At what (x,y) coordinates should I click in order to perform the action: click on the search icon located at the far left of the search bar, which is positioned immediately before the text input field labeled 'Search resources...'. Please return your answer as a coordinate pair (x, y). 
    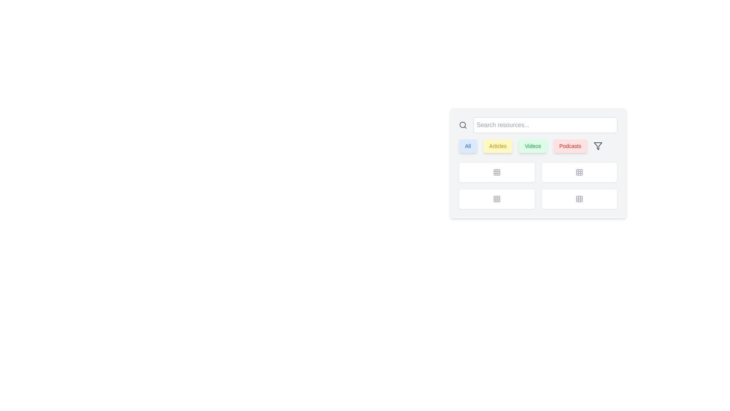
    Looking at the image, I should click on (462, 124).